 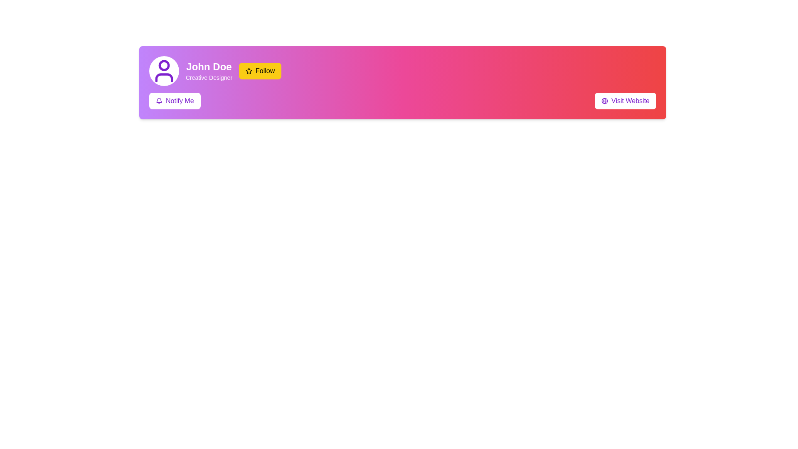 What do you see at coordinates (159, 101) in the screenshot?
I see `the bell icon that signifies a notification-related action, located adjacent to the 'Notify Me' text inside the button with a gradient purple to pink background` at bounding box center [159, 101].